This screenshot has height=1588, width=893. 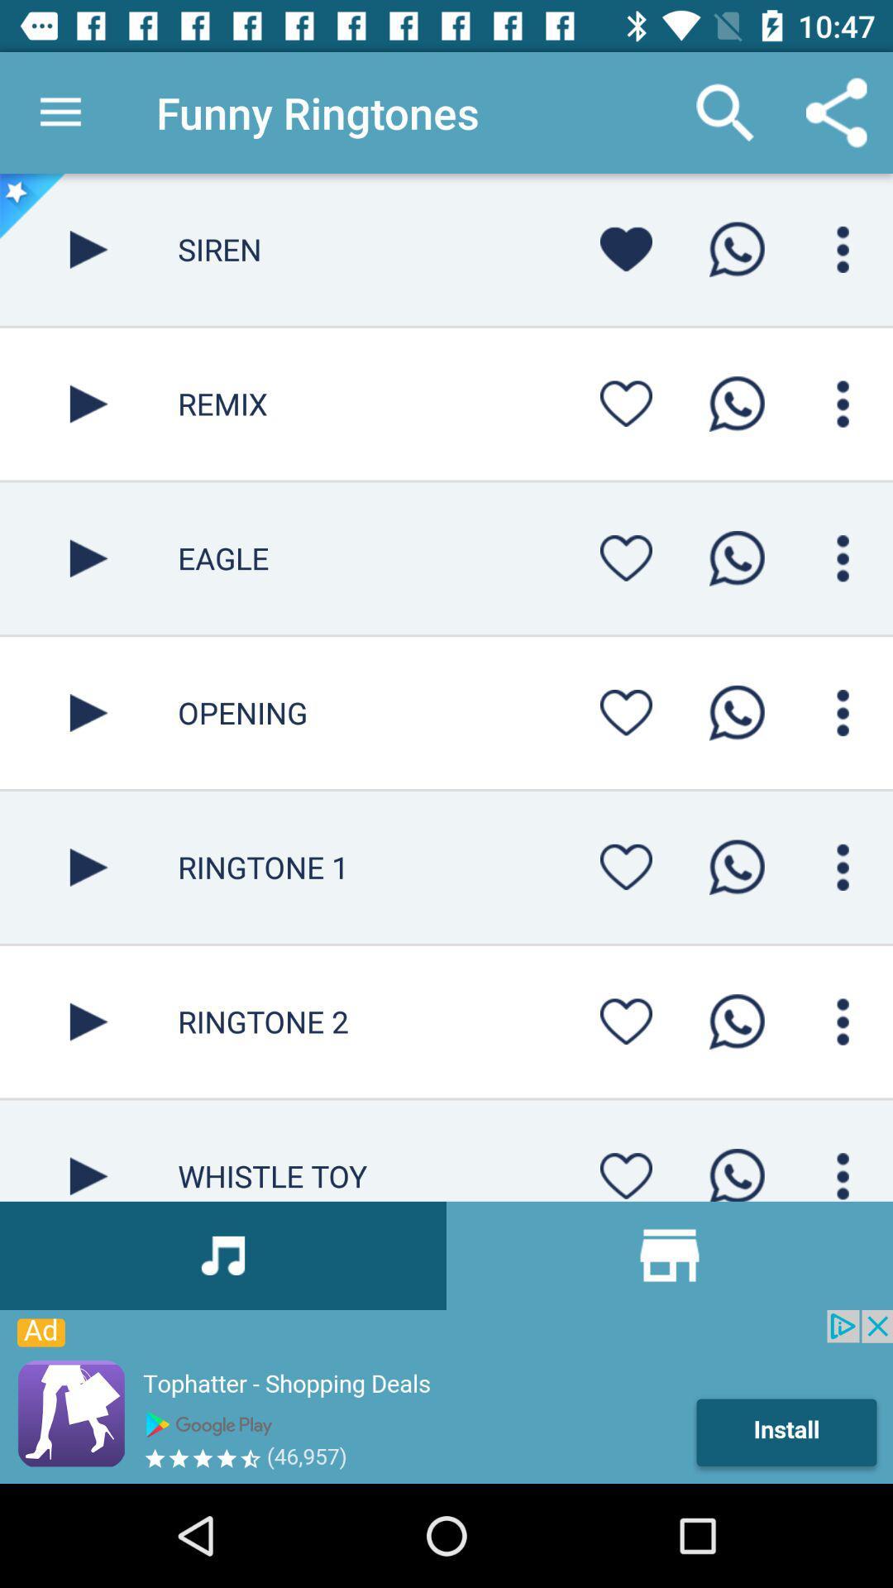 What do you see at coordinates (88, 1021) in the screenshot?
I see `play` at bounding box center [88, 1021].